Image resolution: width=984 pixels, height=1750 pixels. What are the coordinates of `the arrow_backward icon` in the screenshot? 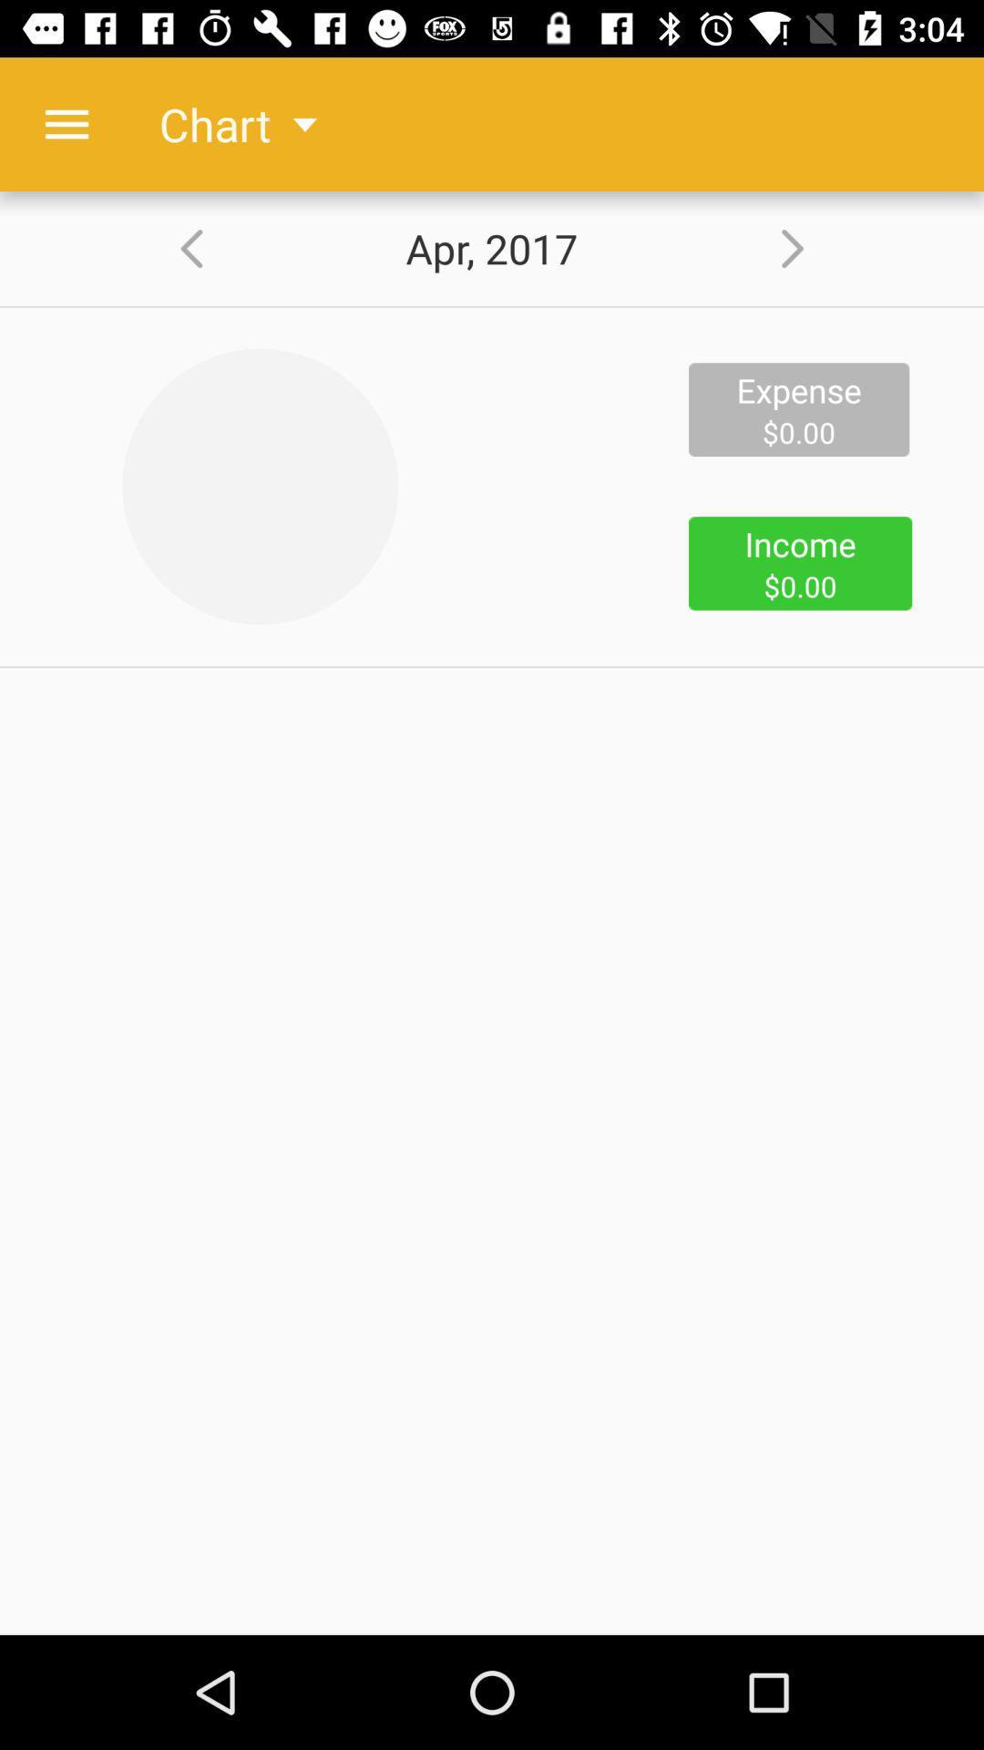 It's located at (179, 248).